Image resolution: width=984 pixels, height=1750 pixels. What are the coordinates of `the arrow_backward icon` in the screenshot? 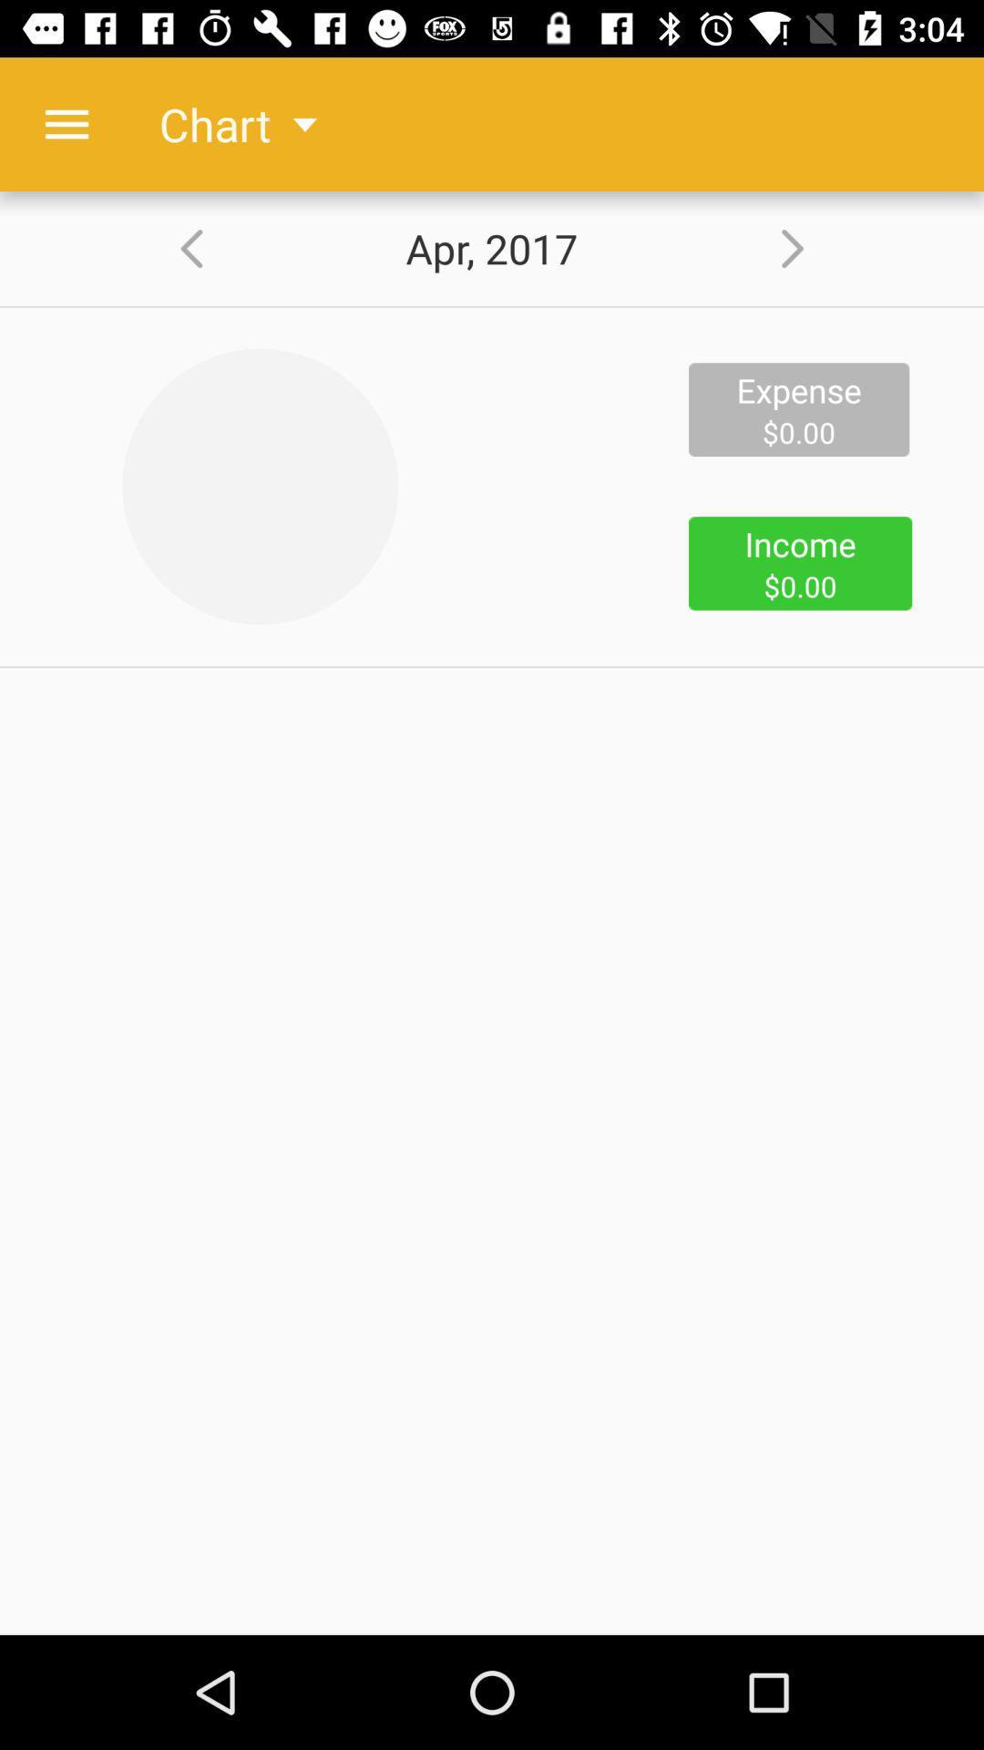 It's located at (179, 248).